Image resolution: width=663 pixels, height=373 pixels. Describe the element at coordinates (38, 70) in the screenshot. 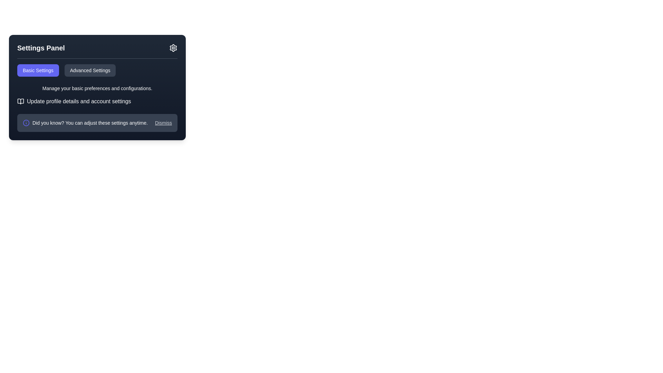

I see `the 'Basic Settings' button, which is a rectangular button with a rounded border, purple-blue background, and white text` at that location.